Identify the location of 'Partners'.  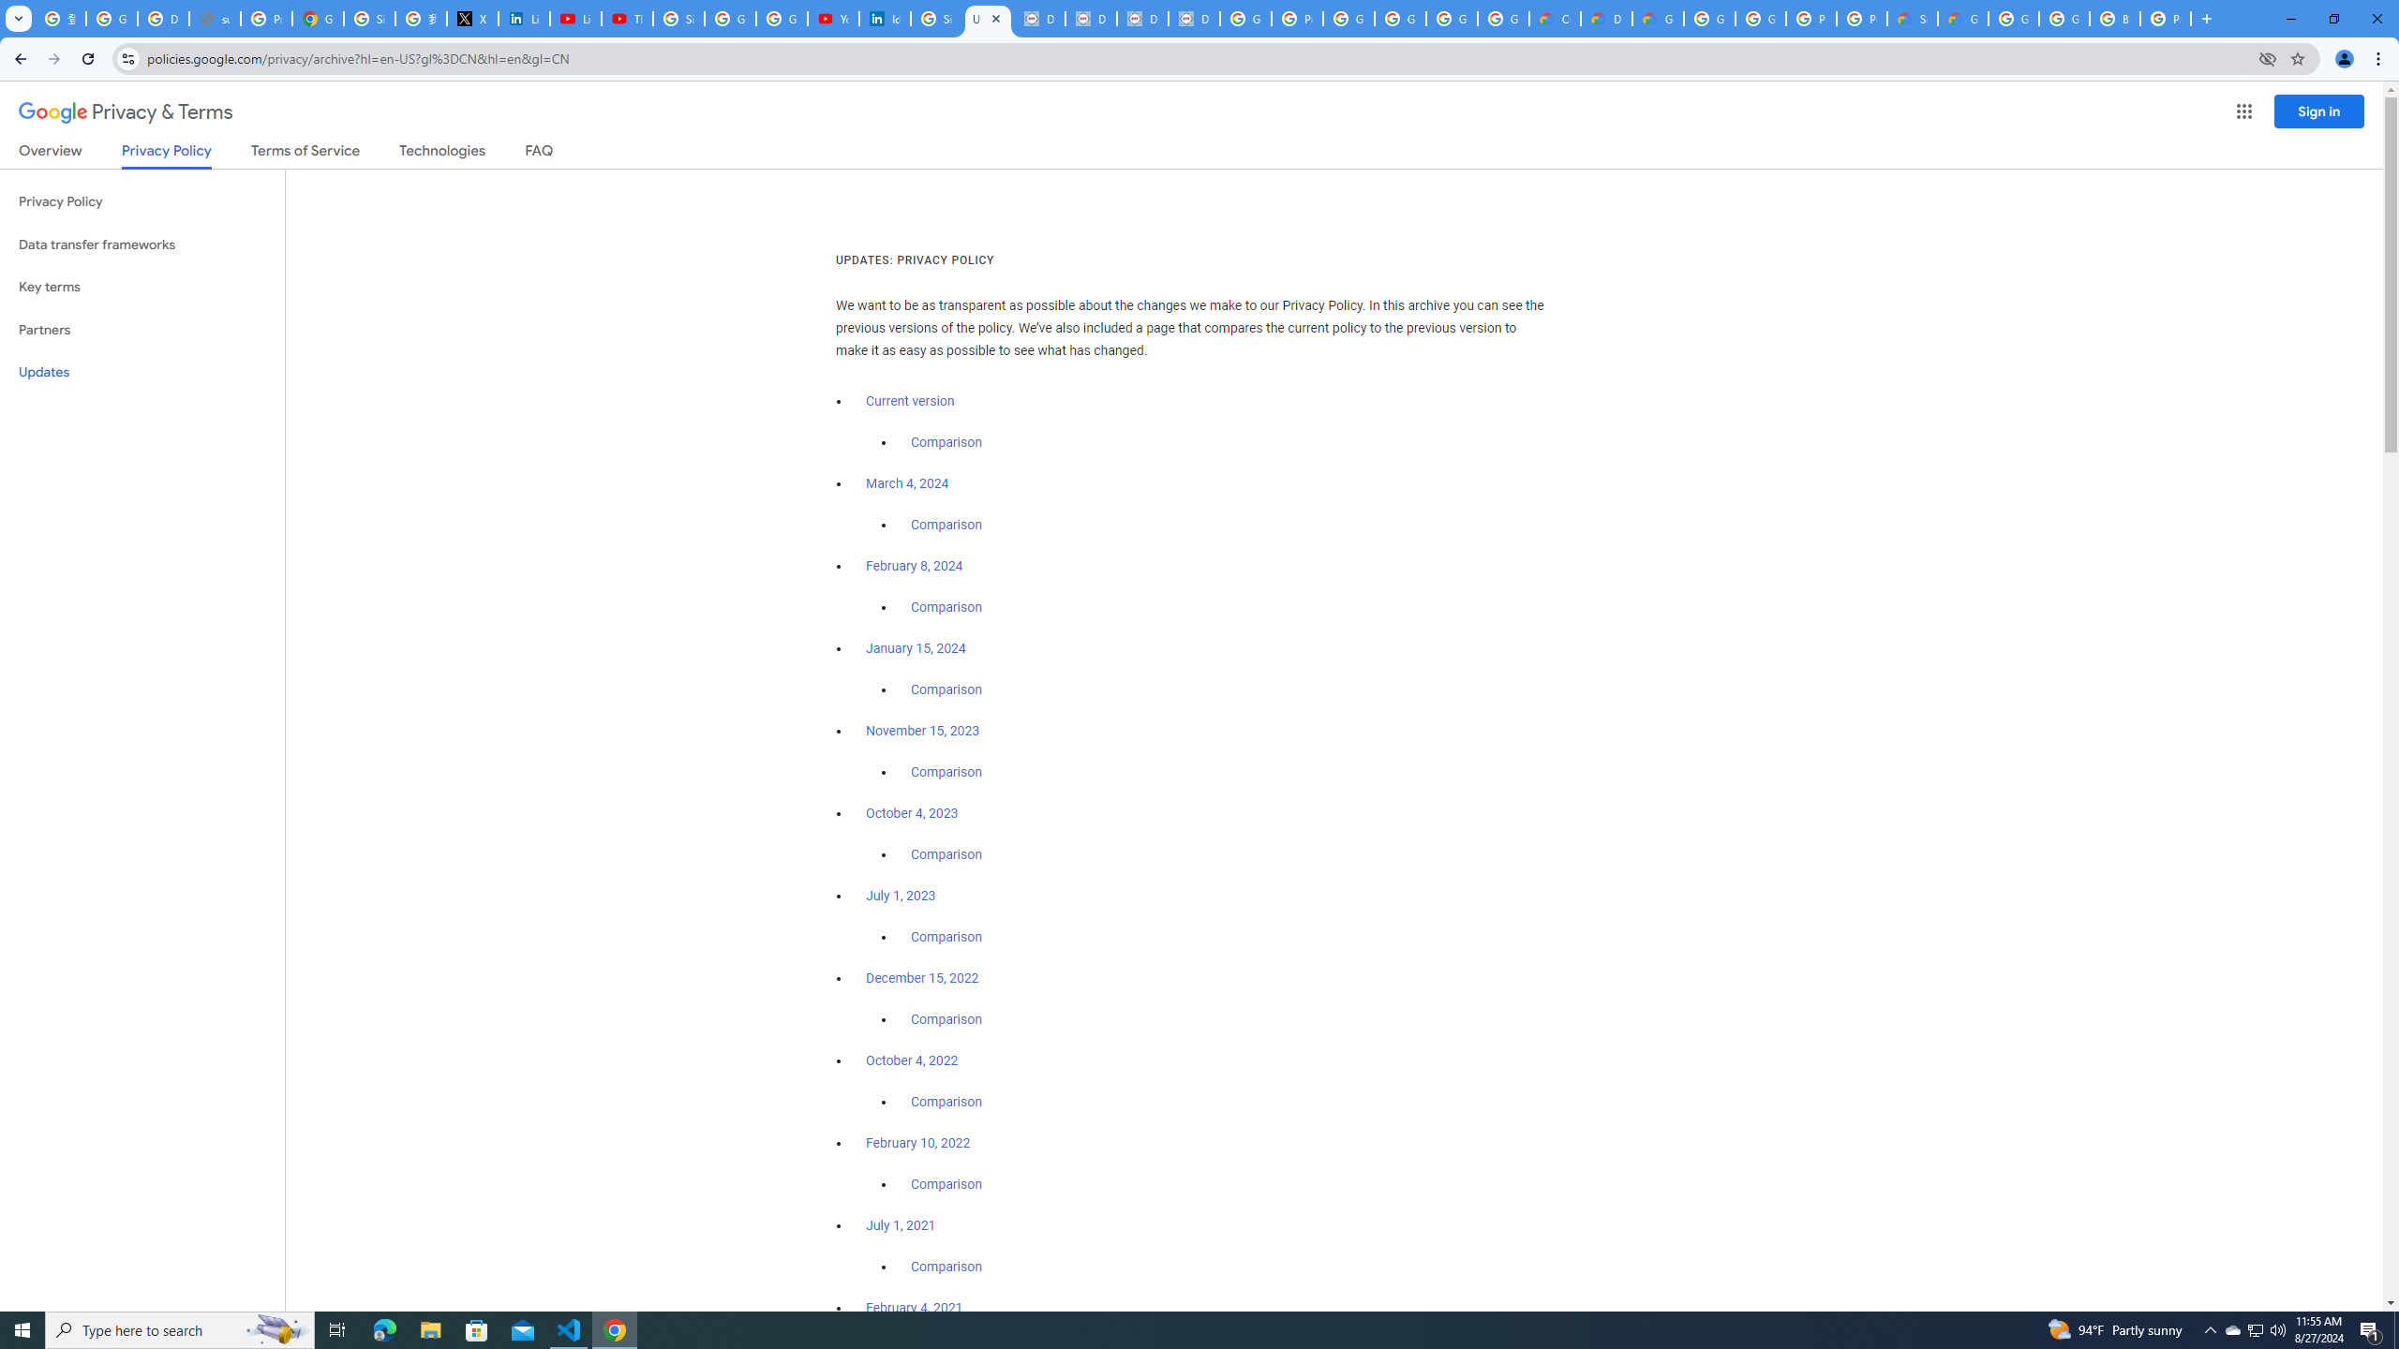
(142, 330).